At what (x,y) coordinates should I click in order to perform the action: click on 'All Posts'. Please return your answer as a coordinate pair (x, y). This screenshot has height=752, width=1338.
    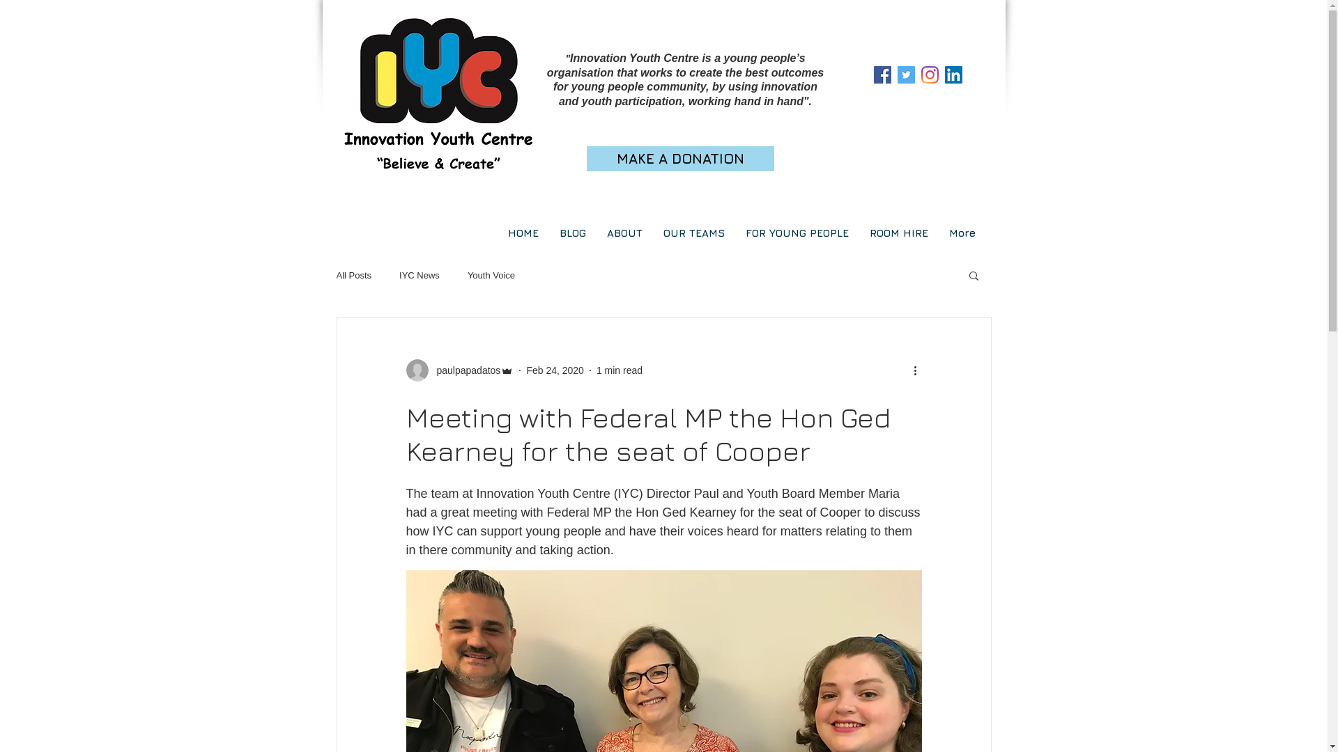
    Looking at the image, I should click on (353, 275).